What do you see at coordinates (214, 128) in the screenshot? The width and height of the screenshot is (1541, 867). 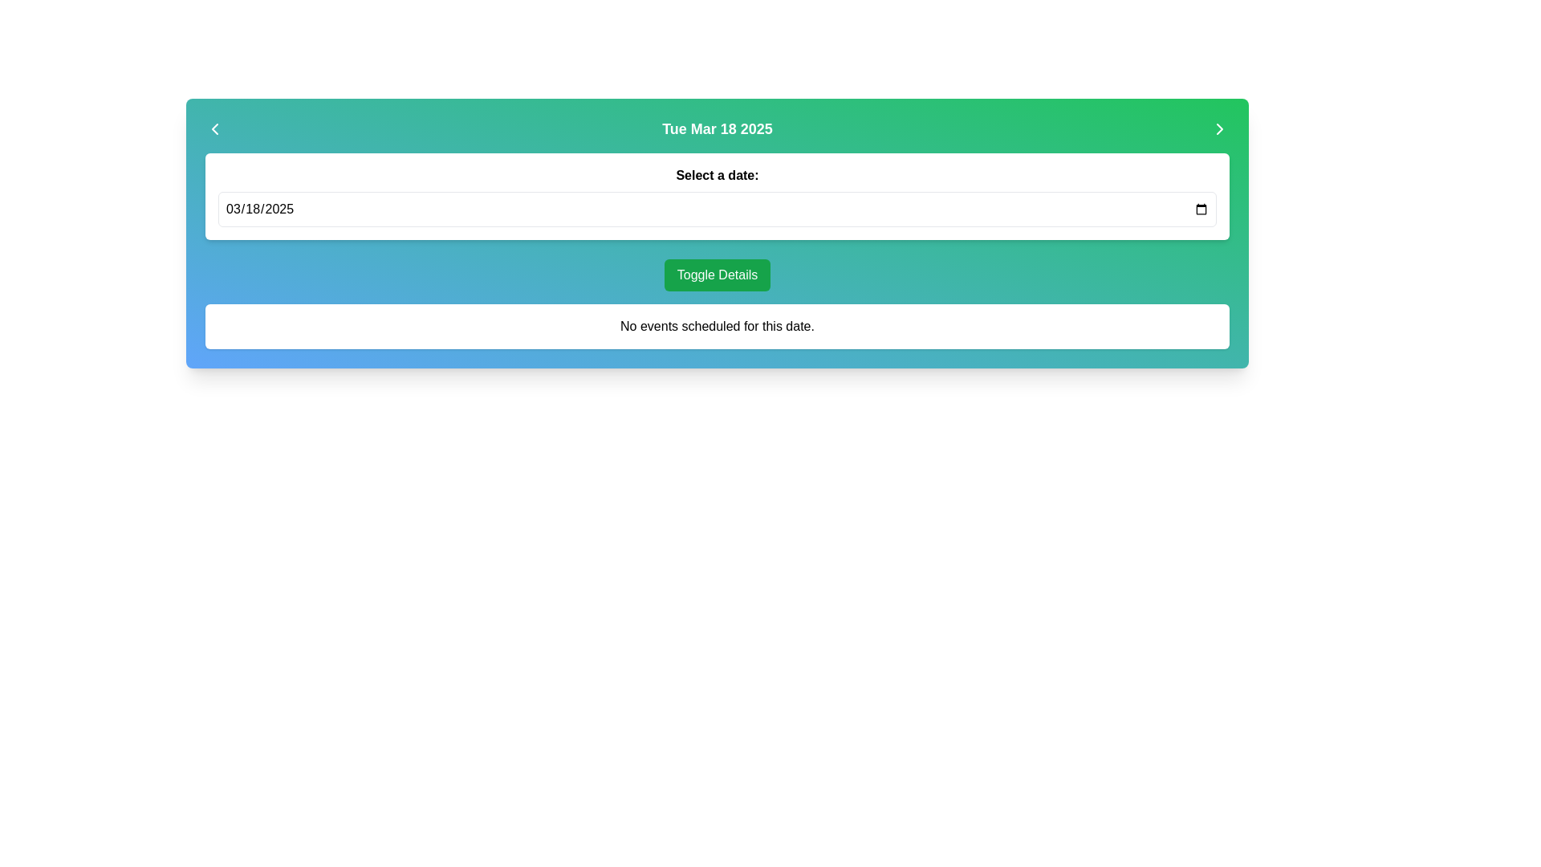 I see `the backward navigation button icon located on the far left side of the header bar, to the left of the text 'Tue Mar 18 2025'` at bounding box center [214, 128].